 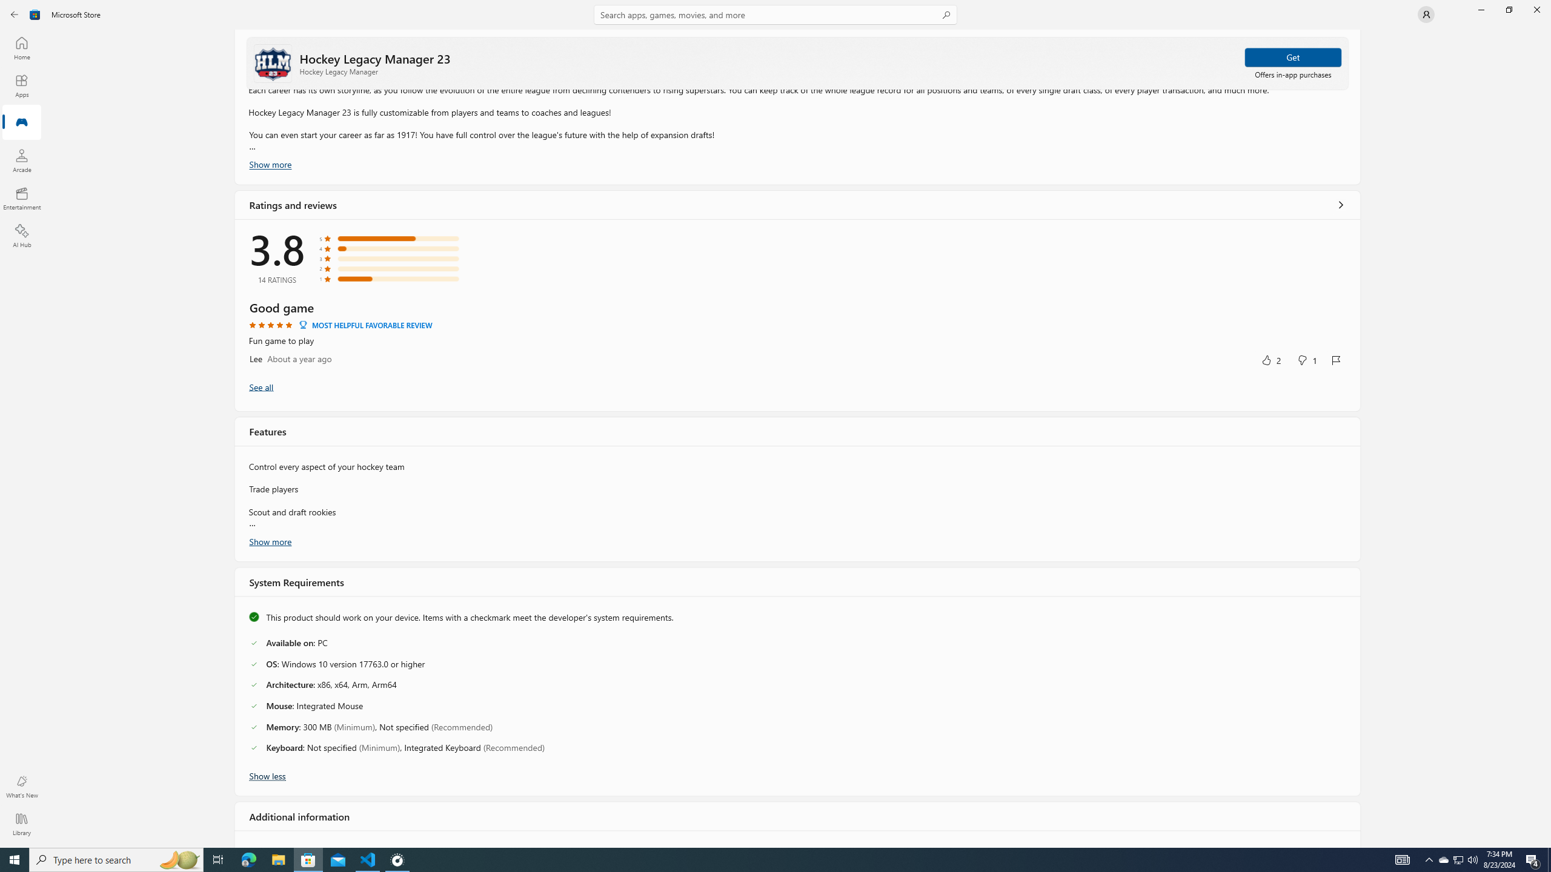 I want to click on 'Report review', so click(x=1336, y=359).